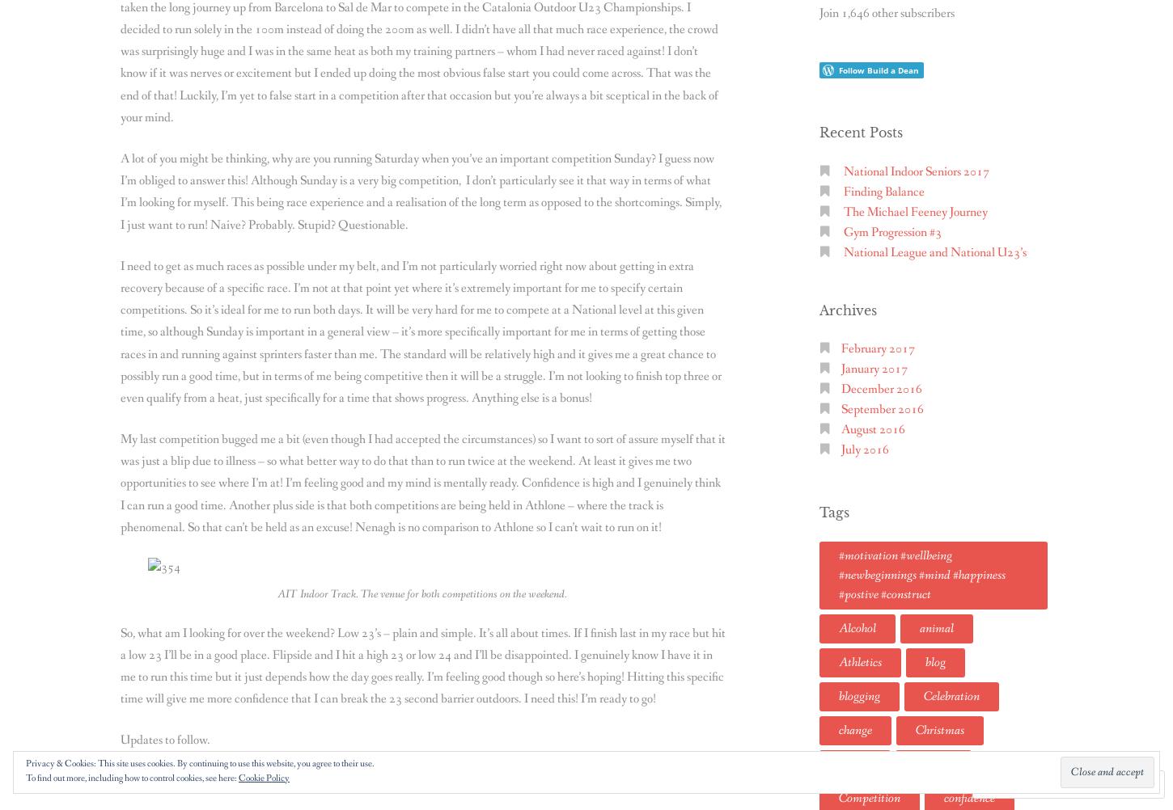  What do you see at coordinates (1090, 783) in the screenshot?
I see `'Follow'` at bounding box center [1090, 783].